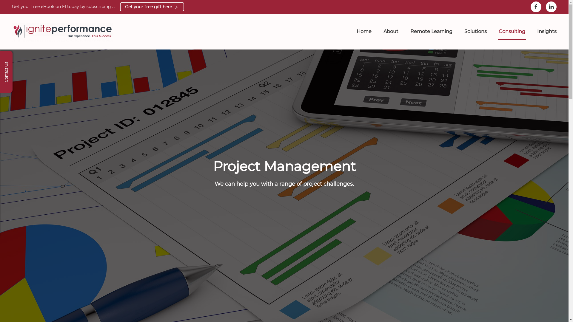 Image resolution: width=573 pixels, height=322 pixels. Describe the element at coordinates (391, 31) in the screenshot. I see `'About'` at that location.